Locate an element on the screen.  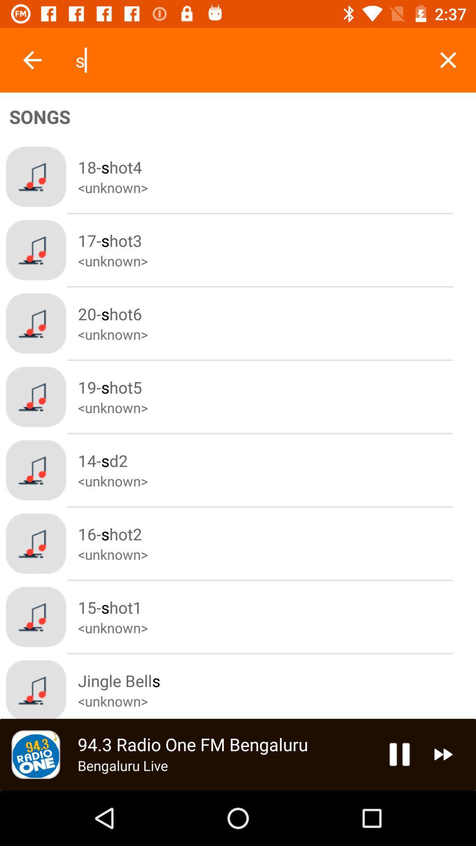
front button is located at coordinates (32, 59).